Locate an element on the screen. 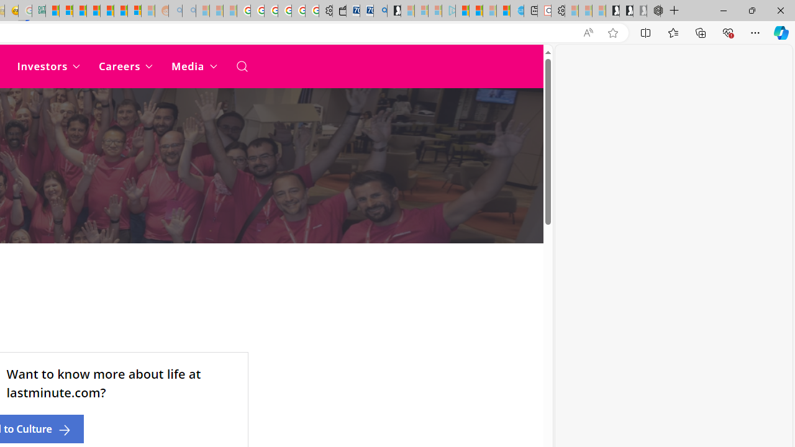 The height and width of the screenshot is (447, 795). 'Microsoft account | Privacy' is located at coordinates (65, 11).